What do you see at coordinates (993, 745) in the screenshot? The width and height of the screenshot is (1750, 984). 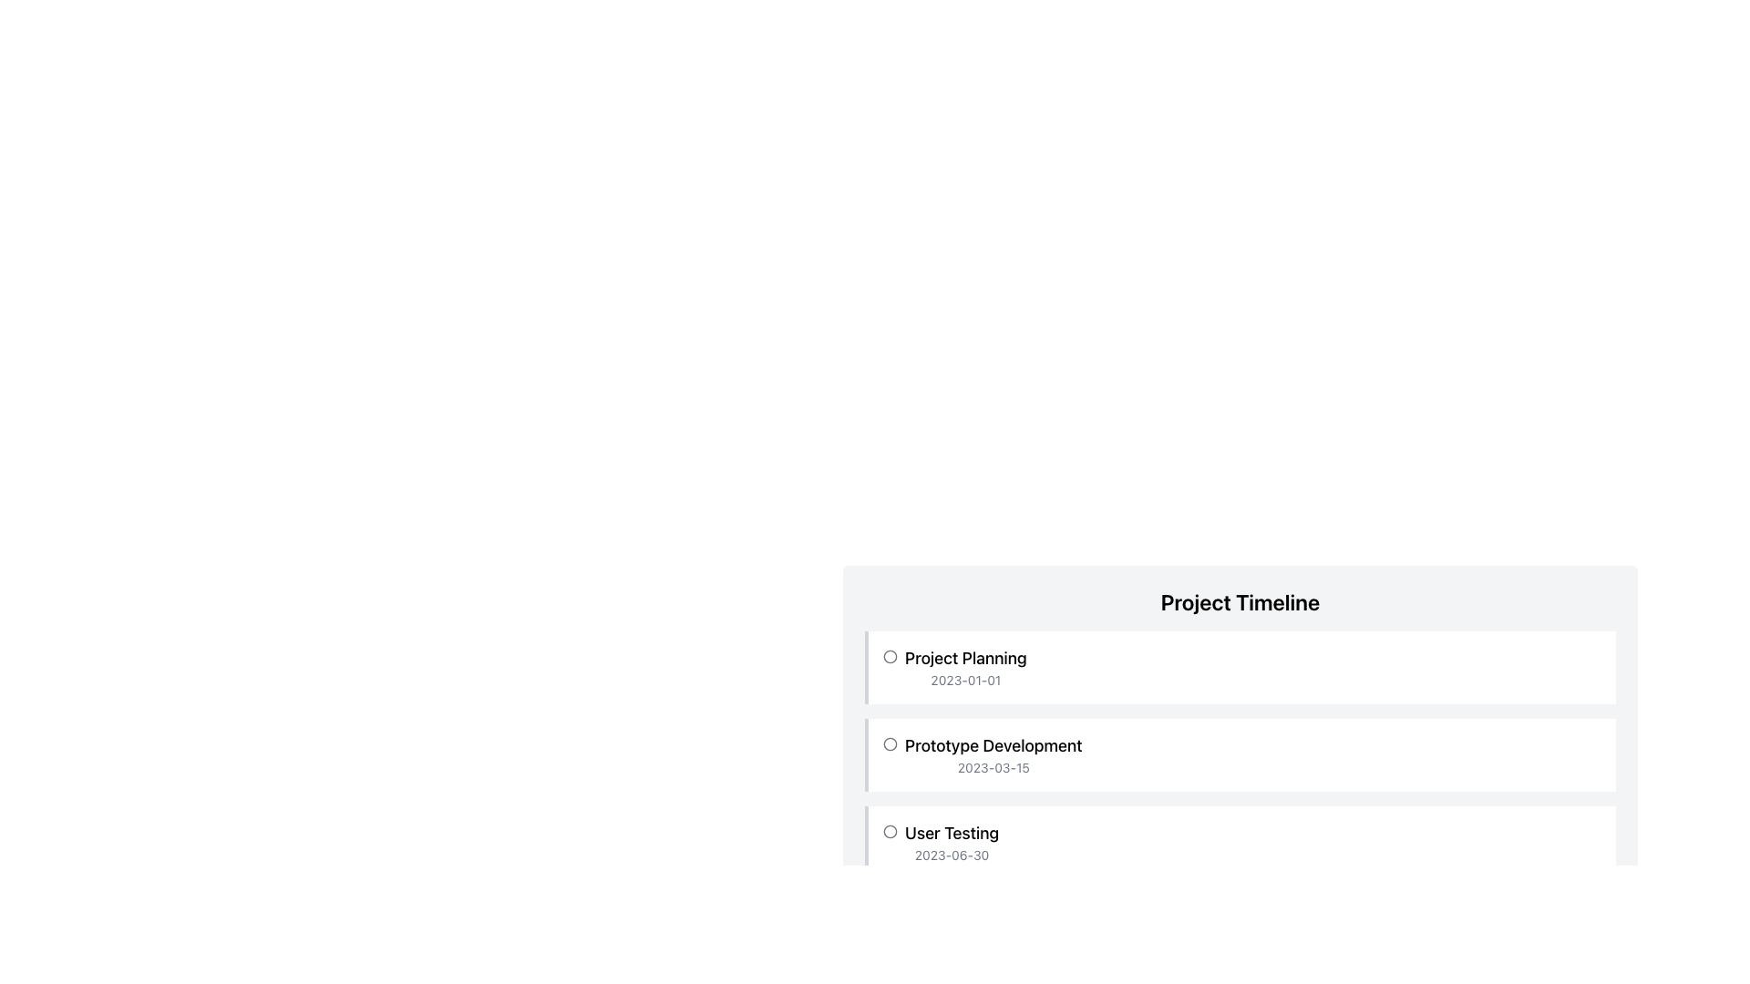 I see `the text label indicating the project phase name, positioned under the 'Project Timeline' heading, between 'Project Planning' and 'User Testing'` at bounding box center [993, 745].